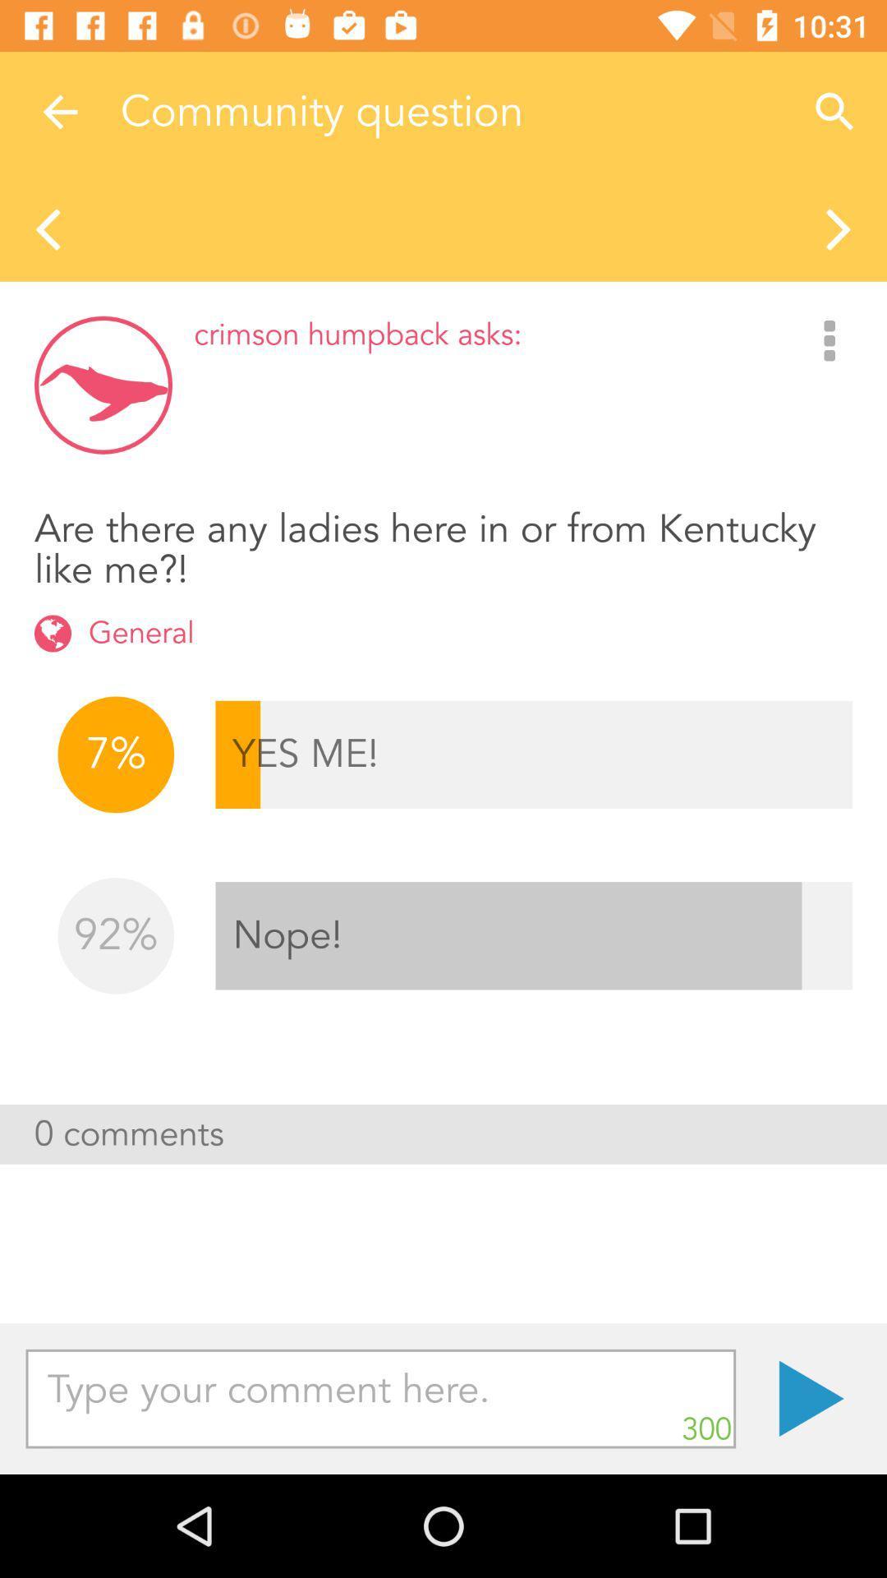 This screenshot has width=887, height=1578. I want to click on item at the bottom right corner, so click(811, 1398).